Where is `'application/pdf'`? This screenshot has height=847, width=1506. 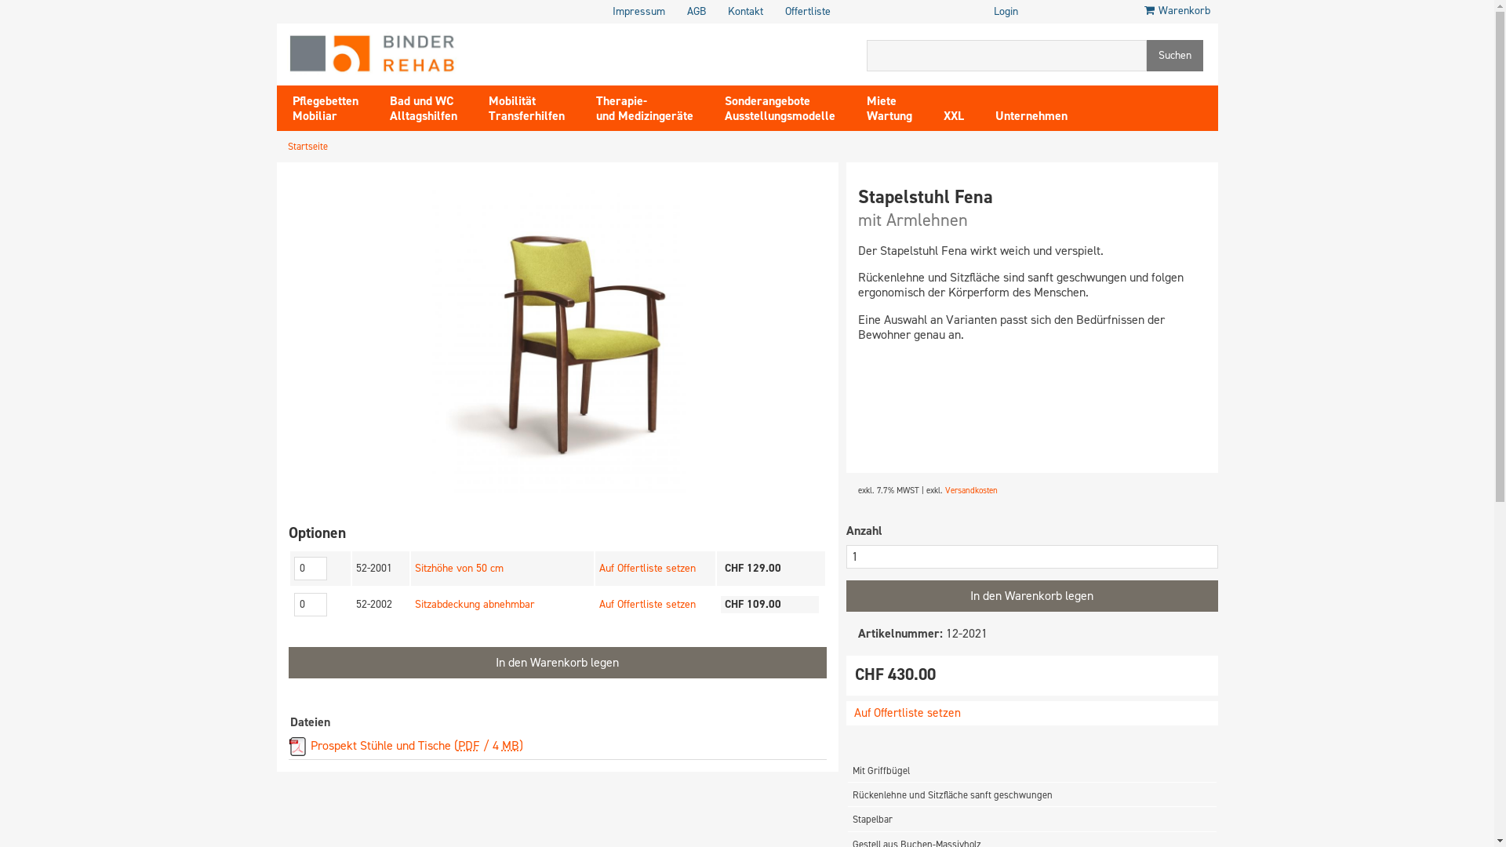 'application/pdf' is located at coordinates (297, 746).